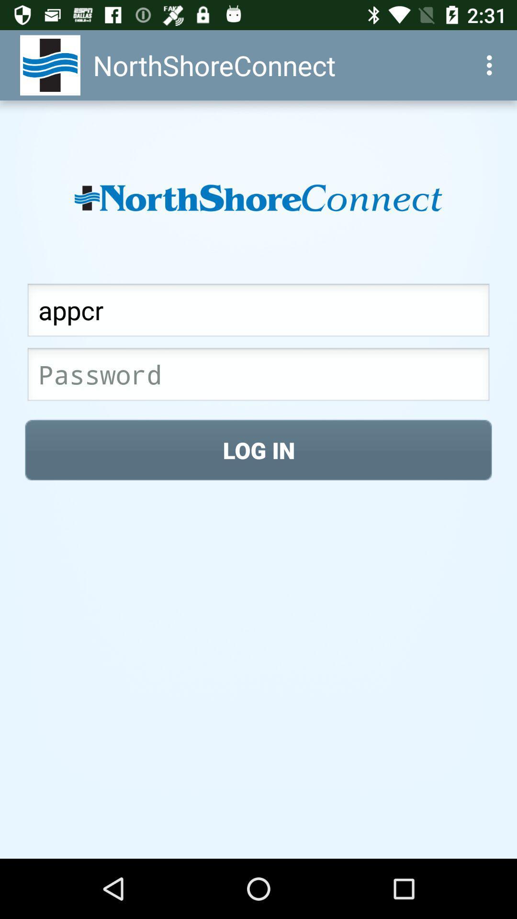  Describe the element at coordinates (492, 65) in the screenshot. I see `icon next to the northshoreconnect item` at that location.